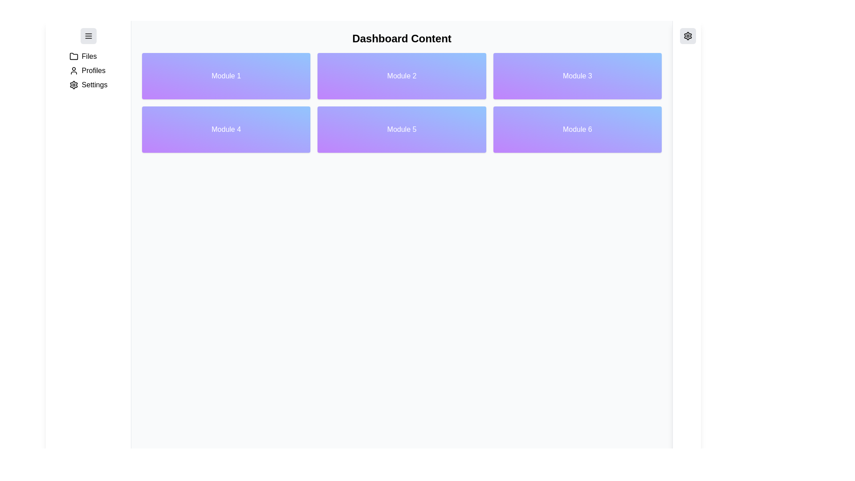  What do you see at coordinates (88, 36) in the screenshot?
I see `the Menu Icon located in the navigation pane on the left-hand side` at bounding box center [88, 36].